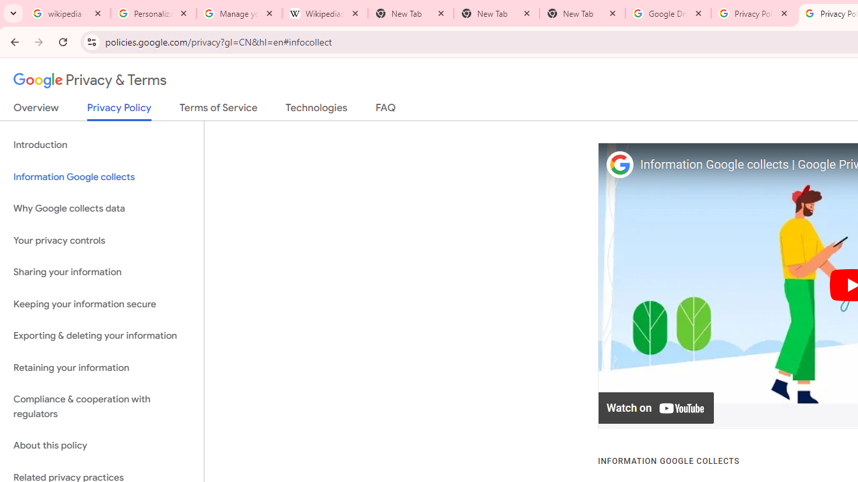  I want to click on 'About this policy', so click(101, 446).